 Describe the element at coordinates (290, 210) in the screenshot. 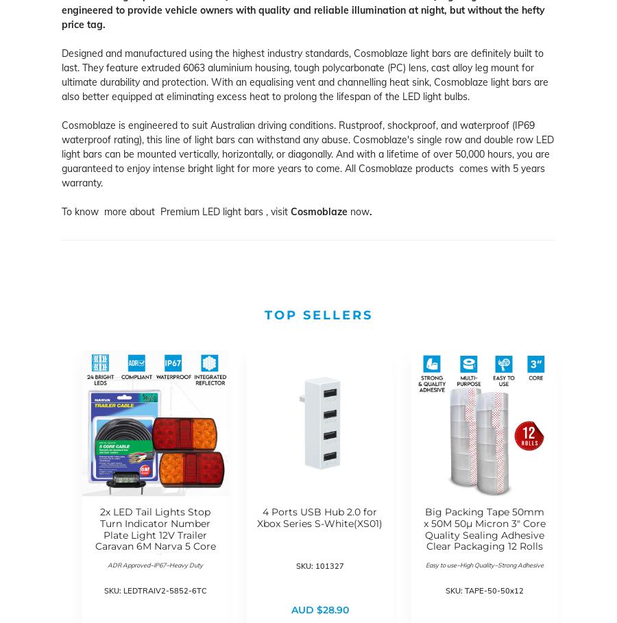

I see `'Cosmoblaze'` at that location.